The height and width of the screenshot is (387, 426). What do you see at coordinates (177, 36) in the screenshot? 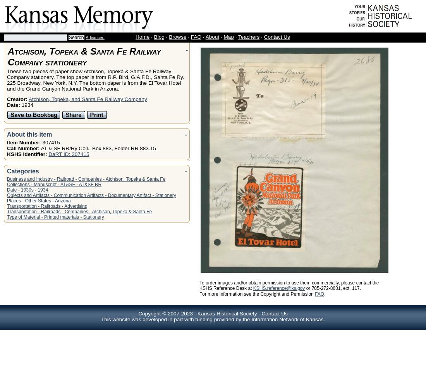
I see `'Browse'` at bounding box center [177, 36].